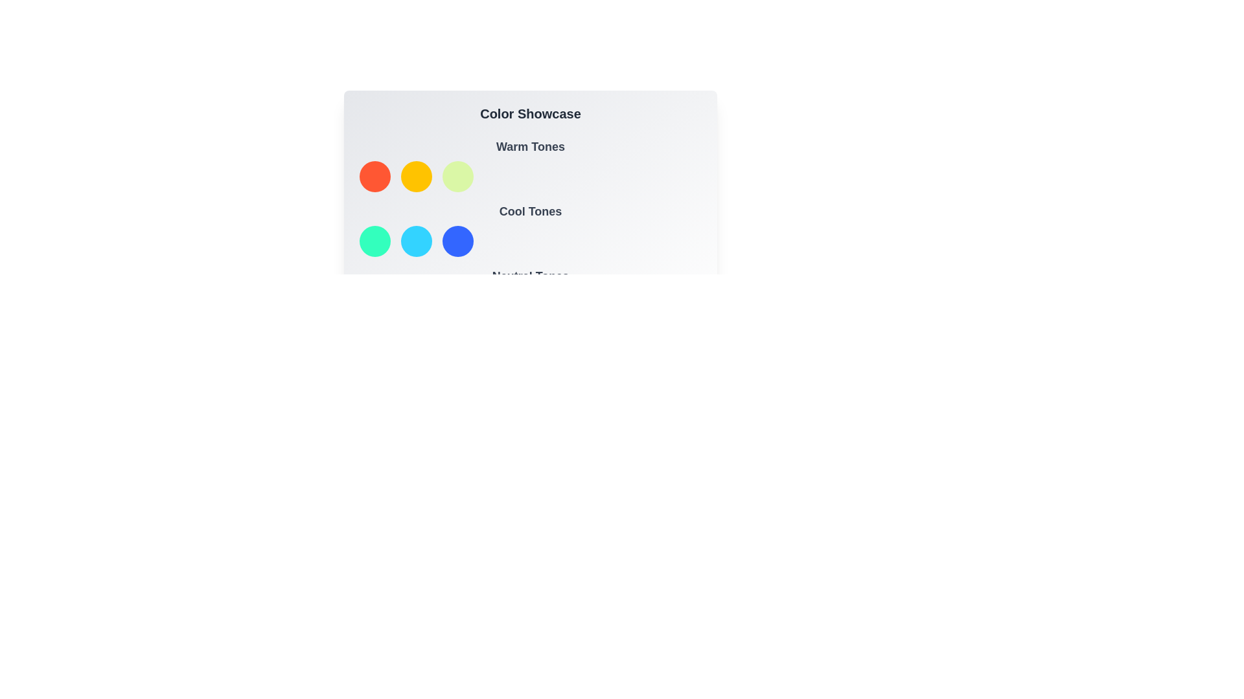  What do you see at coordinates (531, 276) in the screenshot?
I see `text from the Text Label displaying 'Neutral Tones', which is styled with a bold font and dark gray color, positioned centrally below the color swatches` at bounding box center [531, 276].